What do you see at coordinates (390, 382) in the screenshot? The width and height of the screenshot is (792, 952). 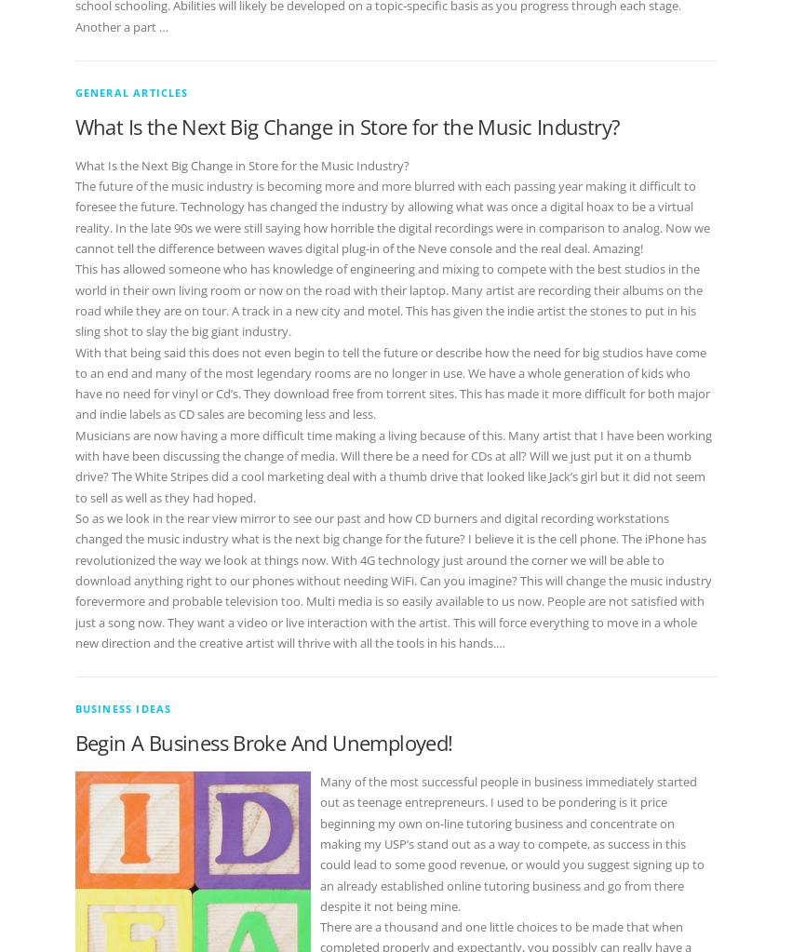 I see `'With that being said this does not even begin to tell the future or describe how the need for big studios have come to an end and many of the most legendary rooms are no longer in use.  We have a whole generation of kids who have no need for vinyl or Cd’s.  They download free from torrent sites.  This has made it more difficult for both major and indie labels as CD sales are becoming less and less.'` at bounding box center [390, 382].